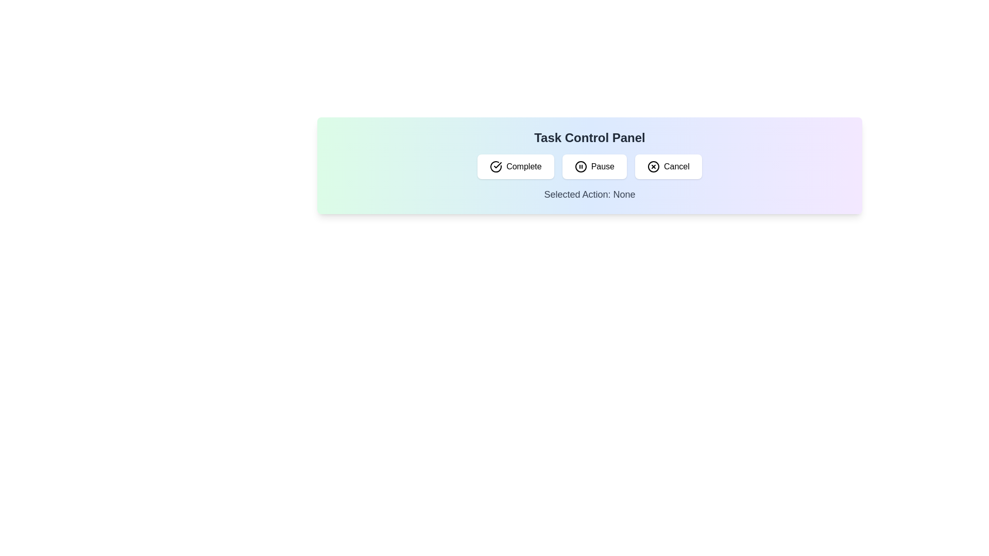  What do you see at coordinates (594, 166) in the screenshot?
I see `the 'Pause' button, which is a white rectangular button with rounded edges and a pause symbol` at bounding box center [594, 166].